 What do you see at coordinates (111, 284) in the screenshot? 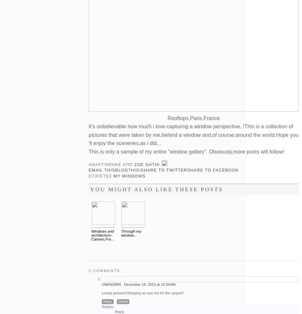
I see `'Unknown'` at bounding box center [111, 284].